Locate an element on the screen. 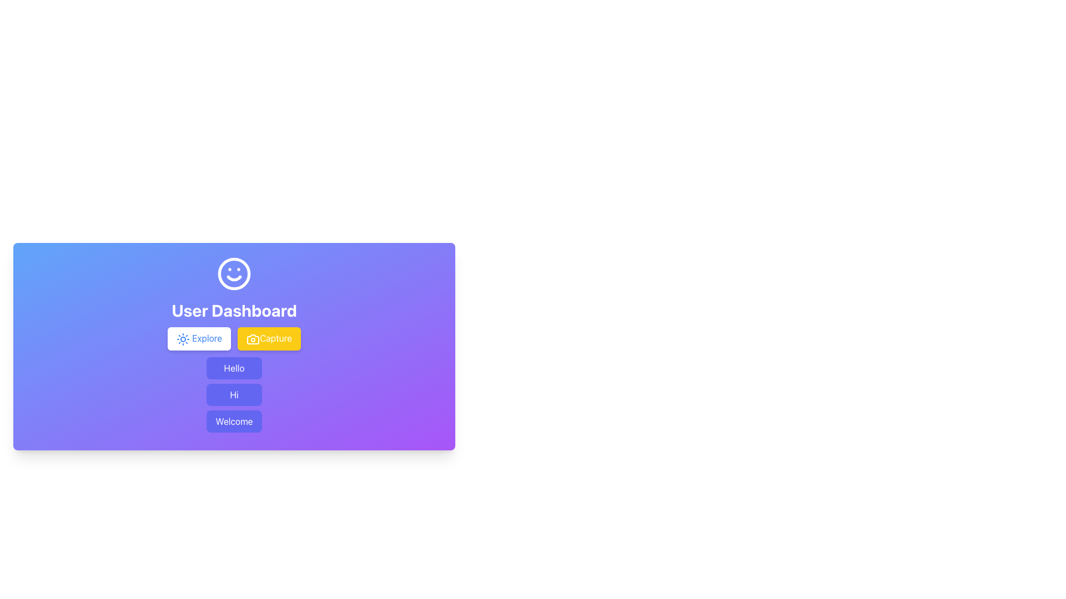 The width and height of the screenshot is (1066, 599). the camera icon with a yellow background and white outline located inside the 'Capture' button is located at coordinates (253, 338).